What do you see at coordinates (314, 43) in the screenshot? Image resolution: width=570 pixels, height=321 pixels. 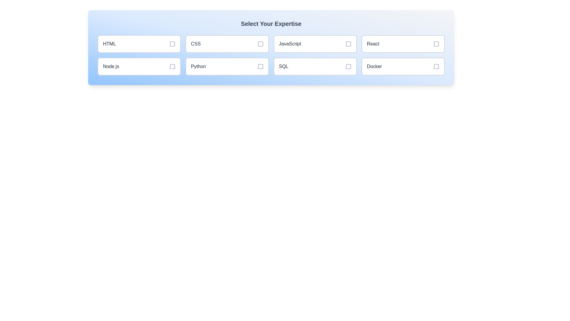 I see `the skill item labeled JavaScript to toggle its selection state` at bounding box center [314, 43].